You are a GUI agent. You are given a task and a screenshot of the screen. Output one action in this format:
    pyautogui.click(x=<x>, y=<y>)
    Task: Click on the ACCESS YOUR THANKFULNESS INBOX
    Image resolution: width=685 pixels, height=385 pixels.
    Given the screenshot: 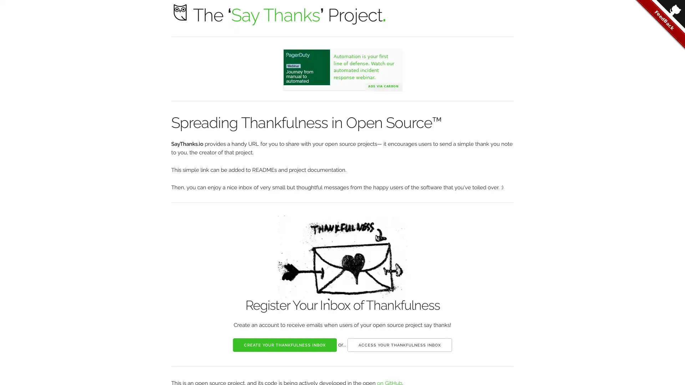 What is the action you would take?
    pyautogui.click(x=400, y=344)
    